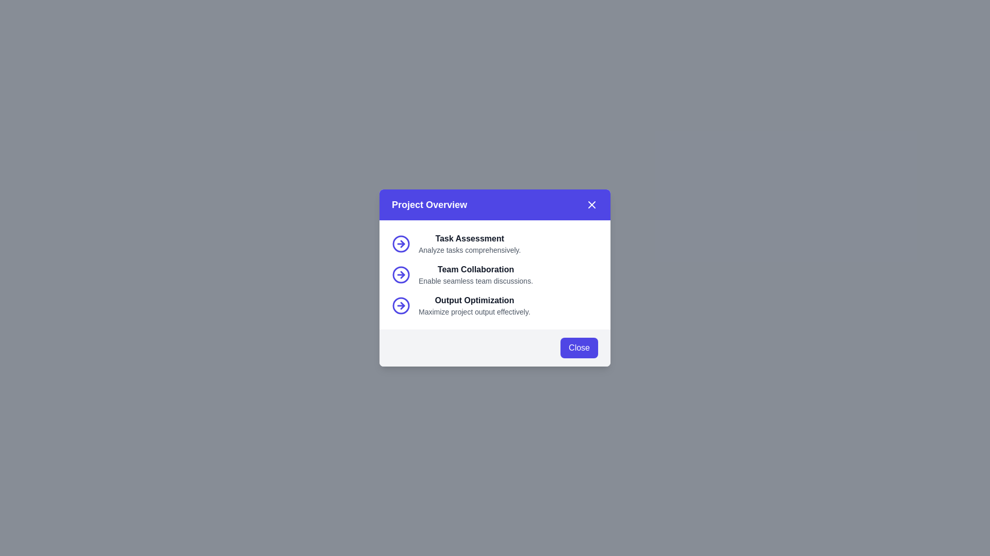 The height and width of the screenshot is (556, 990). I want to click on the modal topic, so click(495, 204).